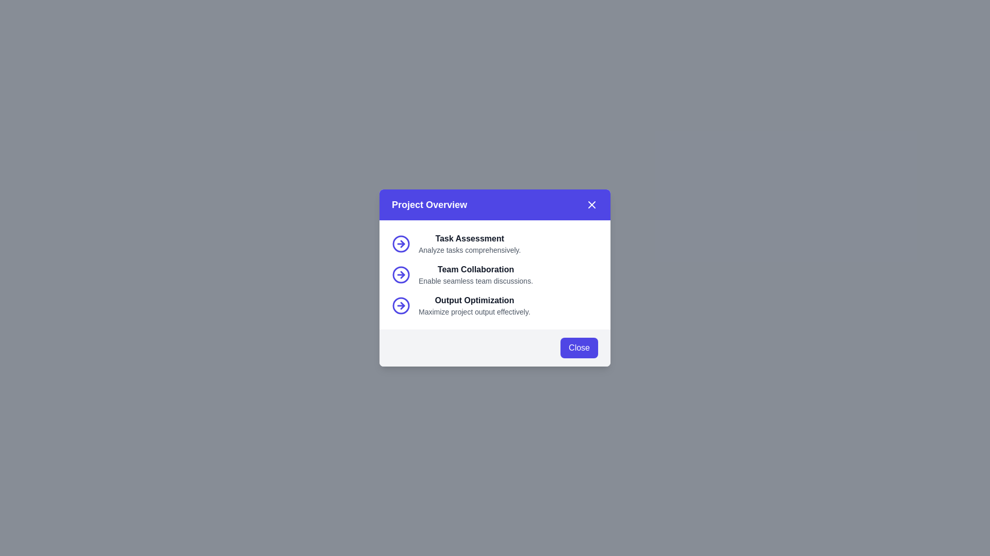 The height and width of the screenshot is (556, 990). I want to click on the modal topic, so click(495, 204).